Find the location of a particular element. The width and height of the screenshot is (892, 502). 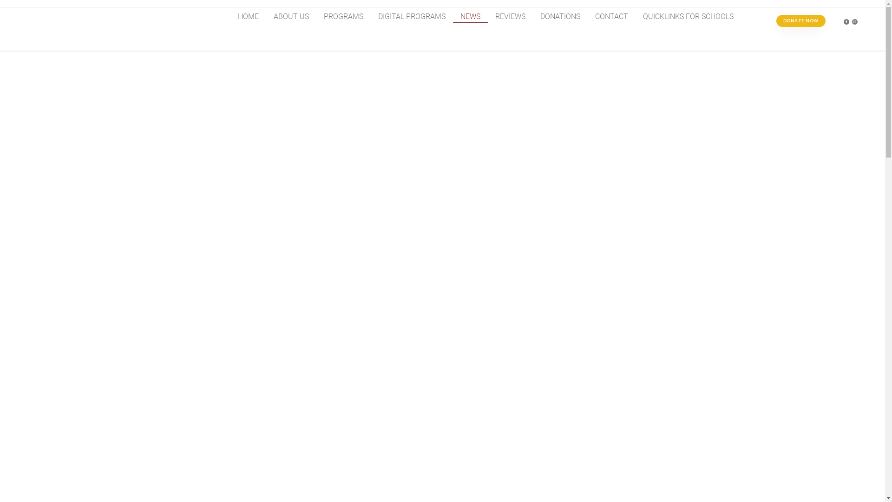

'QUICKLINKS FOR SCHOOLS' is located at coordinates (688, 16).